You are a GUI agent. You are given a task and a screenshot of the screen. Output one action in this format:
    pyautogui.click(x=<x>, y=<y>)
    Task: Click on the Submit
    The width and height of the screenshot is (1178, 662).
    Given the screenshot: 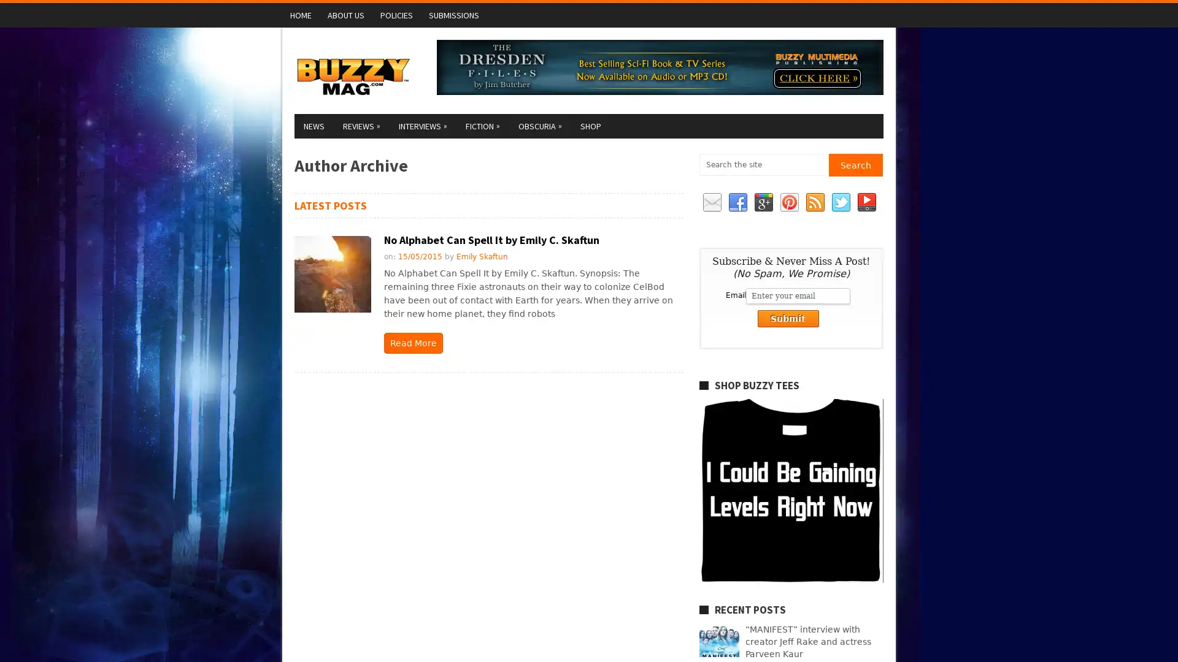 What is the action you would take?
    pyautogui.click(x=787, y=318)
    